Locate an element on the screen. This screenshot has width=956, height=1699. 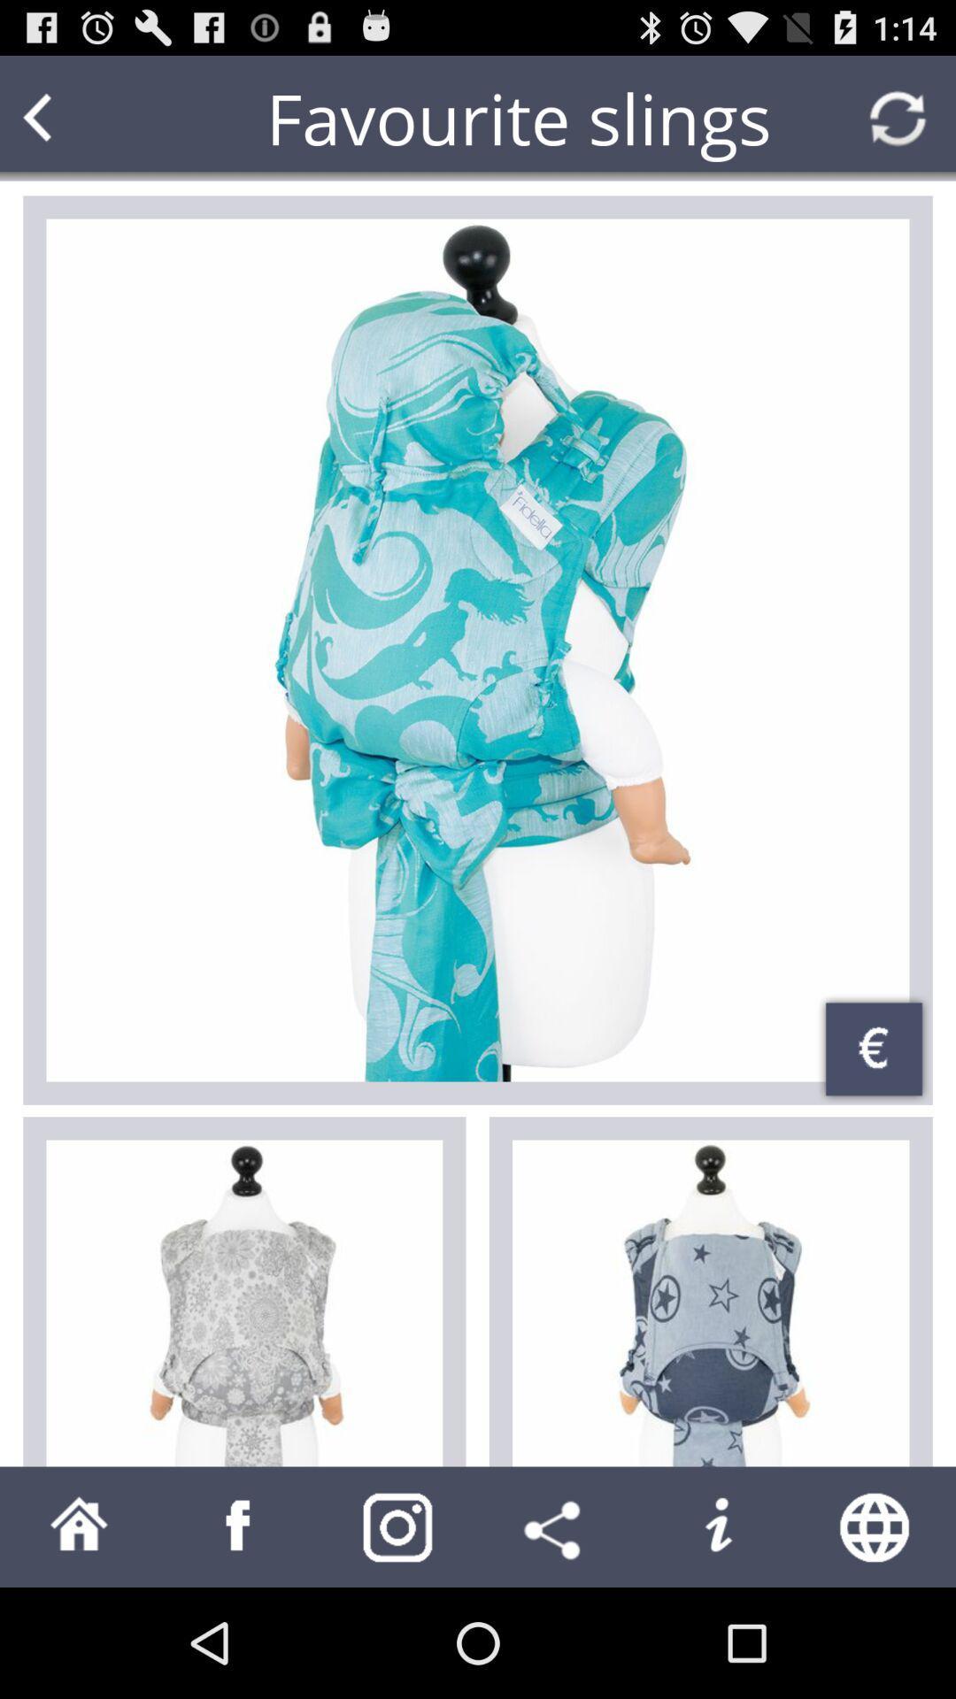
share with instgram is located at coordinates (398, 1526).